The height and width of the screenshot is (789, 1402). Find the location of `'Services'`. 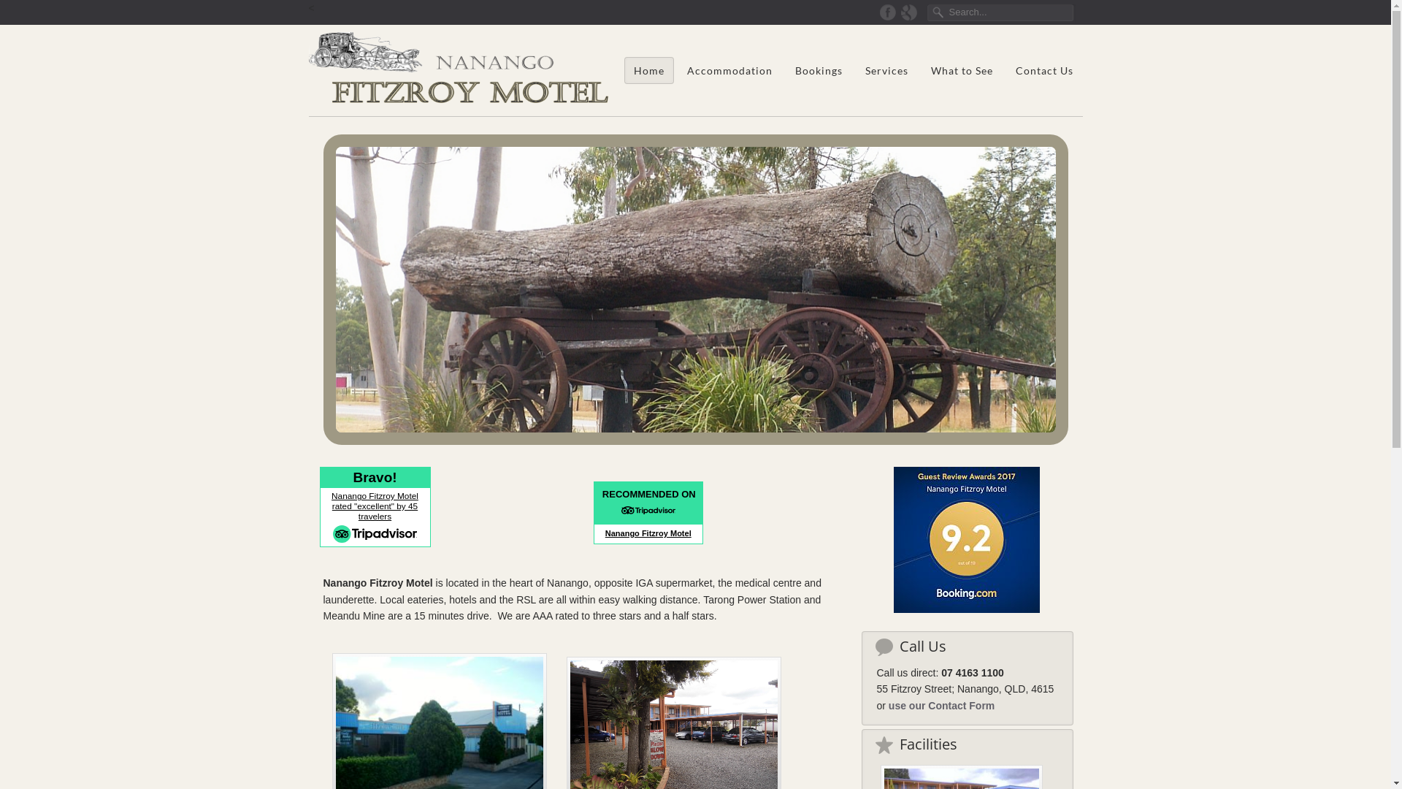

'Services' is located at coordinates (855, 70).